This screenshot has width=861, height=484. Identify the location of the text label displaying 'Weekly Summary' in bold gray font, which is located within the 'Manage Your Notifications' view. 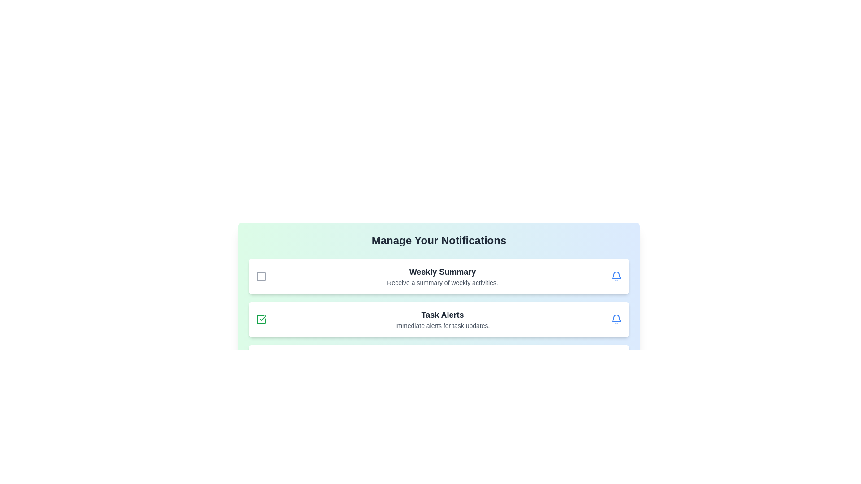
(443, 271).